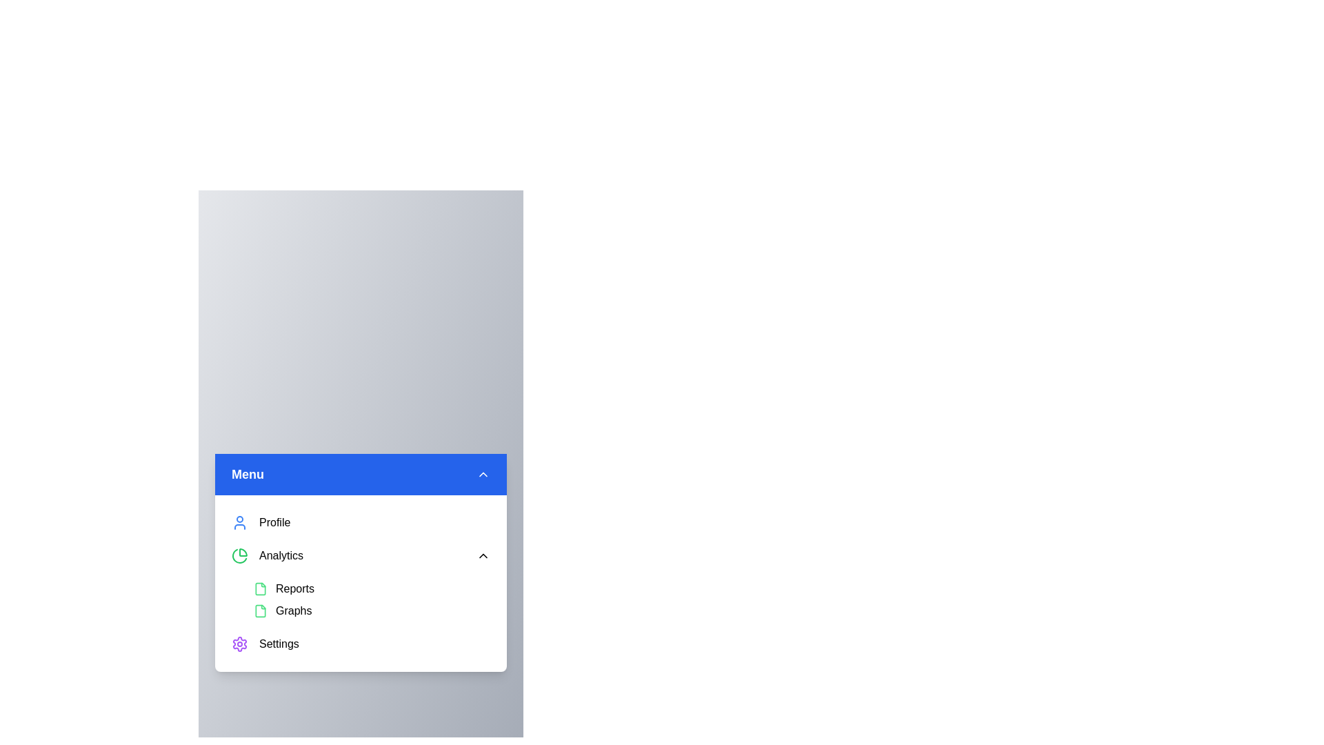 The height and width of the screenshot is (745, 1324). What do you see at coordinates (293, 610) in the screenshot?
I see `the text label 'Graphs' in the menu` at bounding box center [293, 610].